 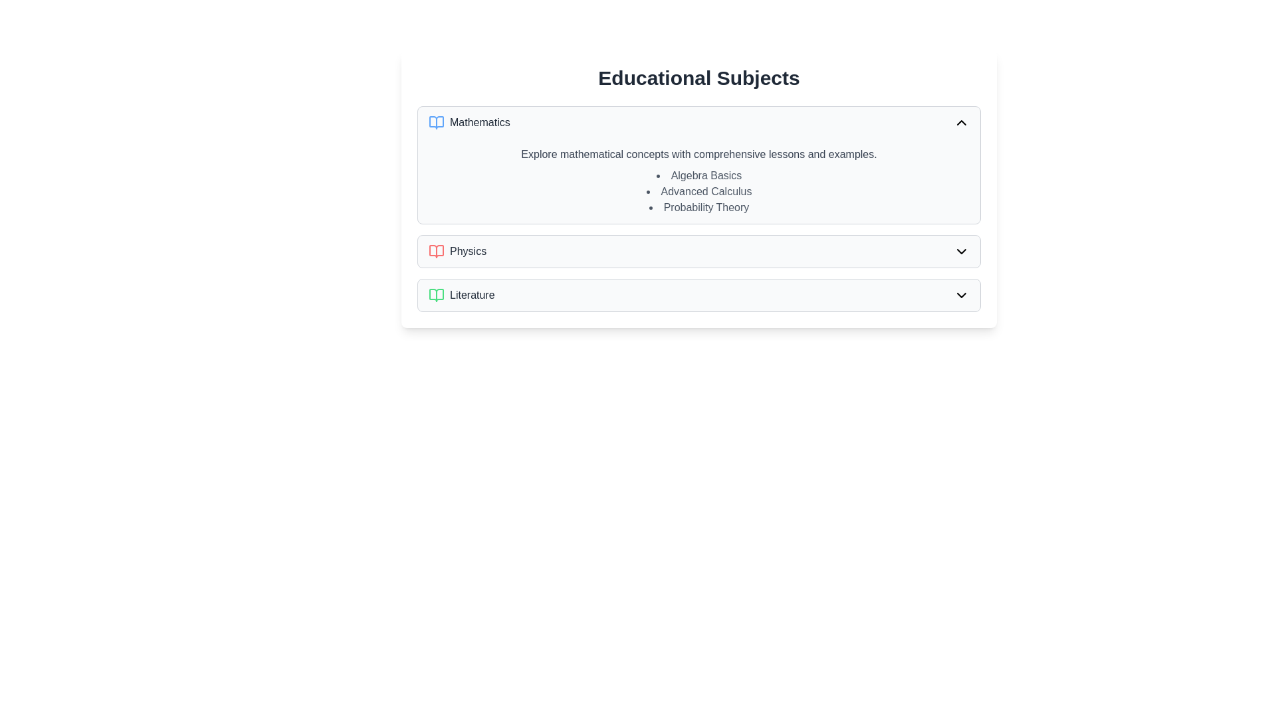 I want to click on the text label 'Physics', which is styled with a medium font weight and gray color, located next to a red open book icon in the middle section under the header 'Educational Subjects', so click(x=468, y=251).